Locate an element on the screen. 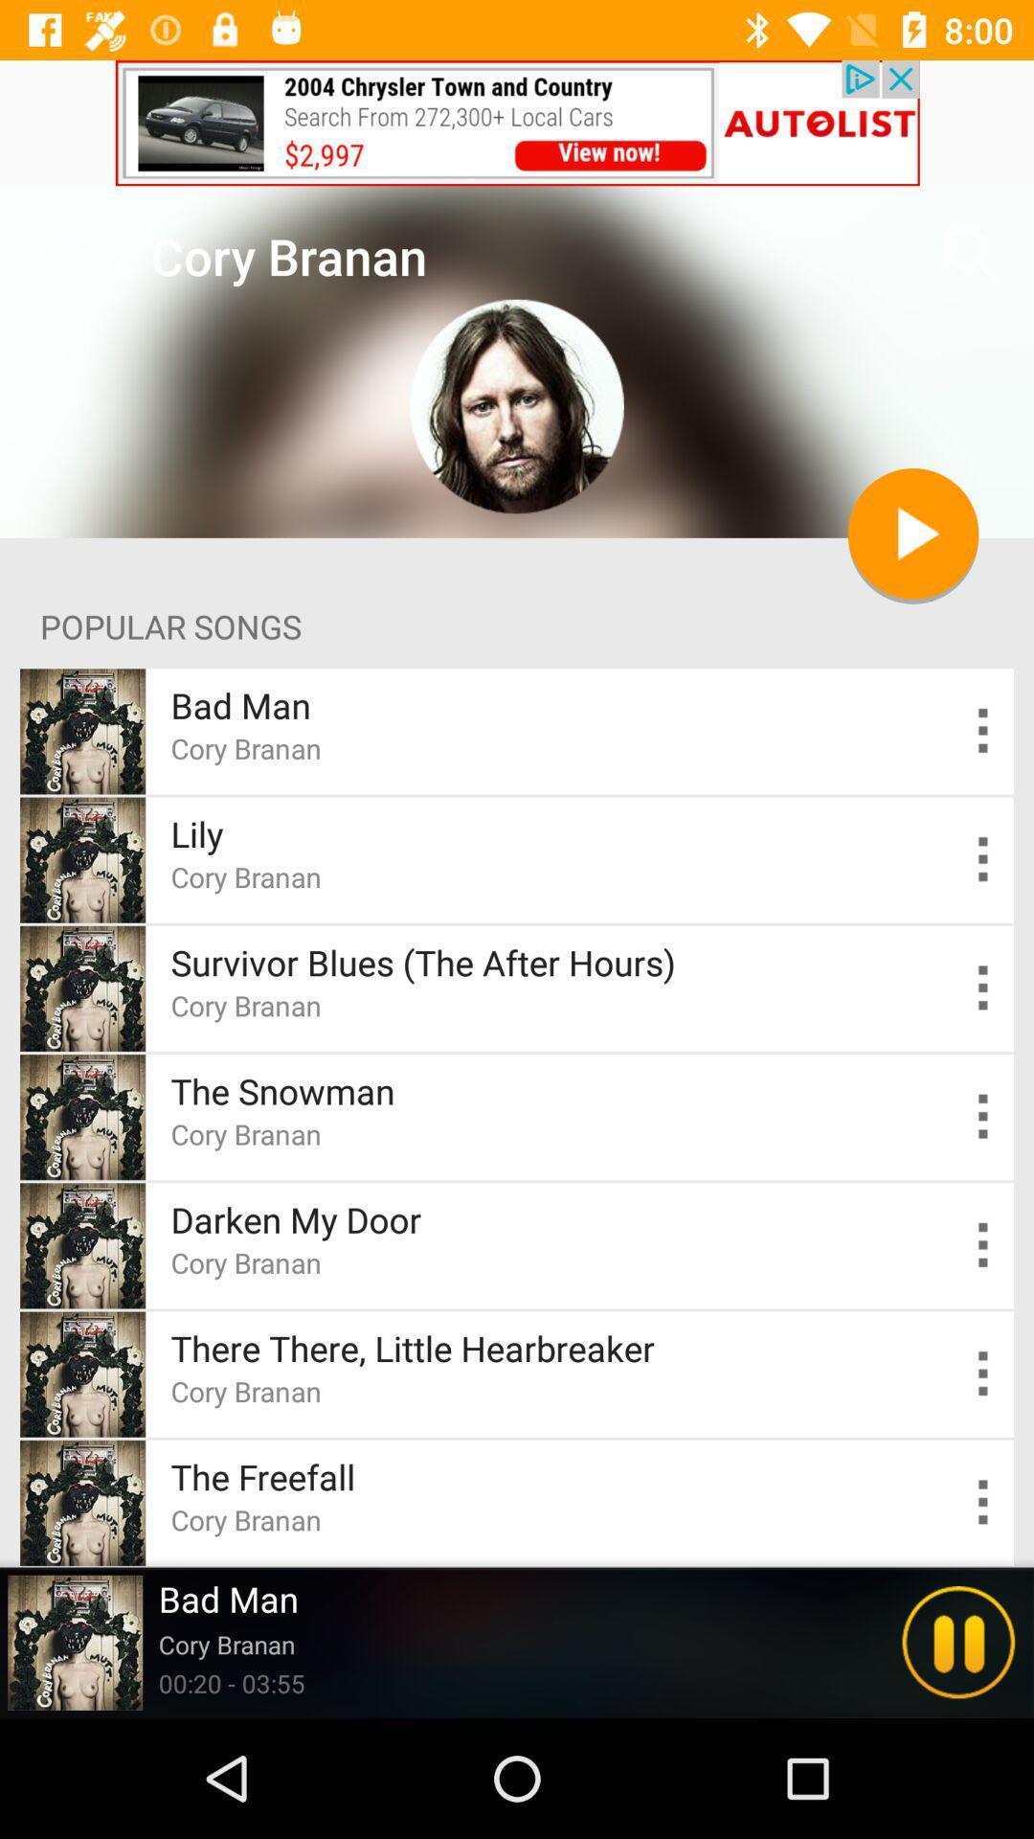 This screenshot has height=1839, width=1034. the more icon is located at coordinates (983, 1502).